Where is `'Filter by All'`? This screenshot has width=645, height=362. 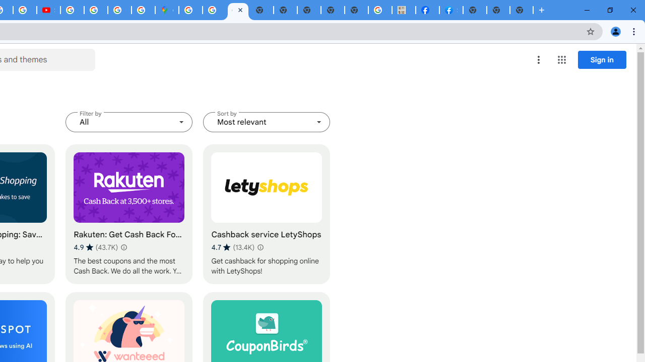 'Filter by All' is located at coordinates (128, 122).